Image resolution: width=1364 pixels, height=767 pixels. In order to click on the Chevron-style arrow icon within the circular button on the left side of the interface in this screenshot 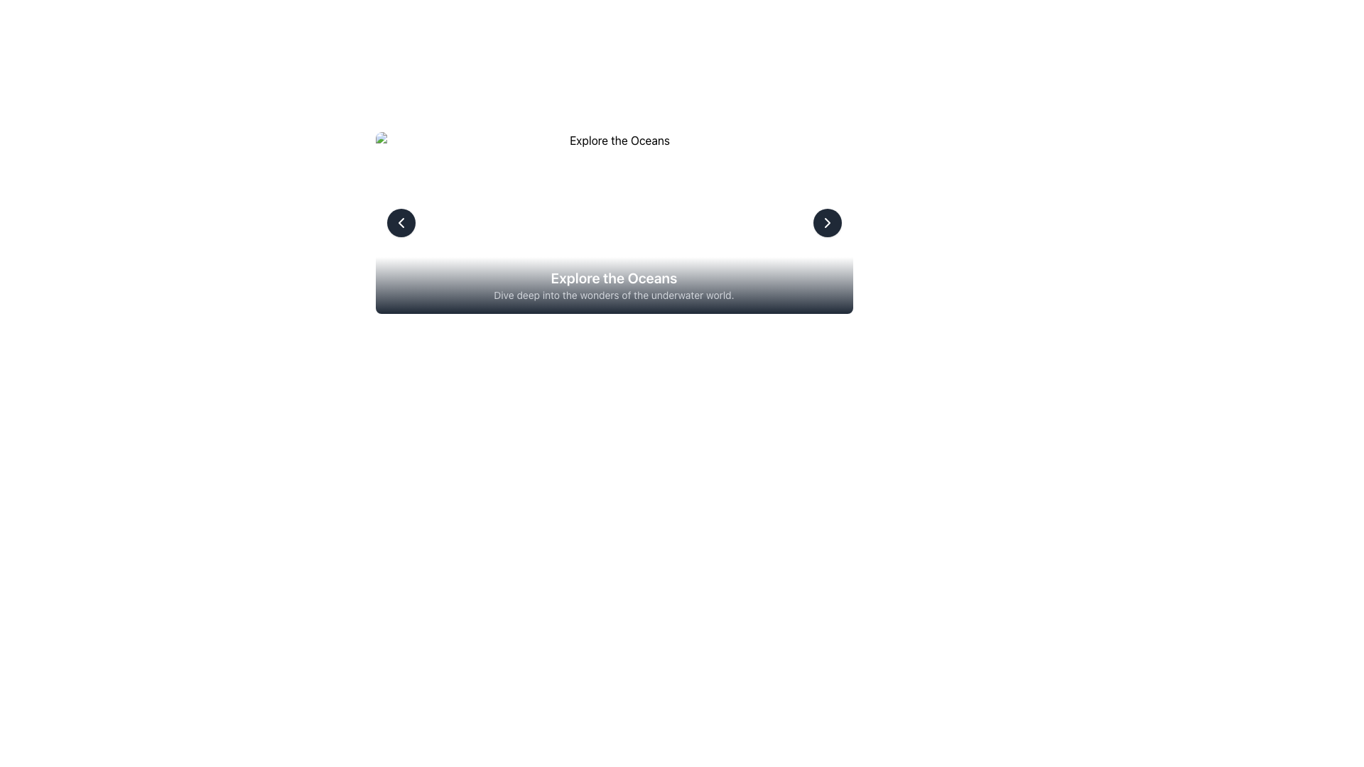, I will do `click(400, 222)`.